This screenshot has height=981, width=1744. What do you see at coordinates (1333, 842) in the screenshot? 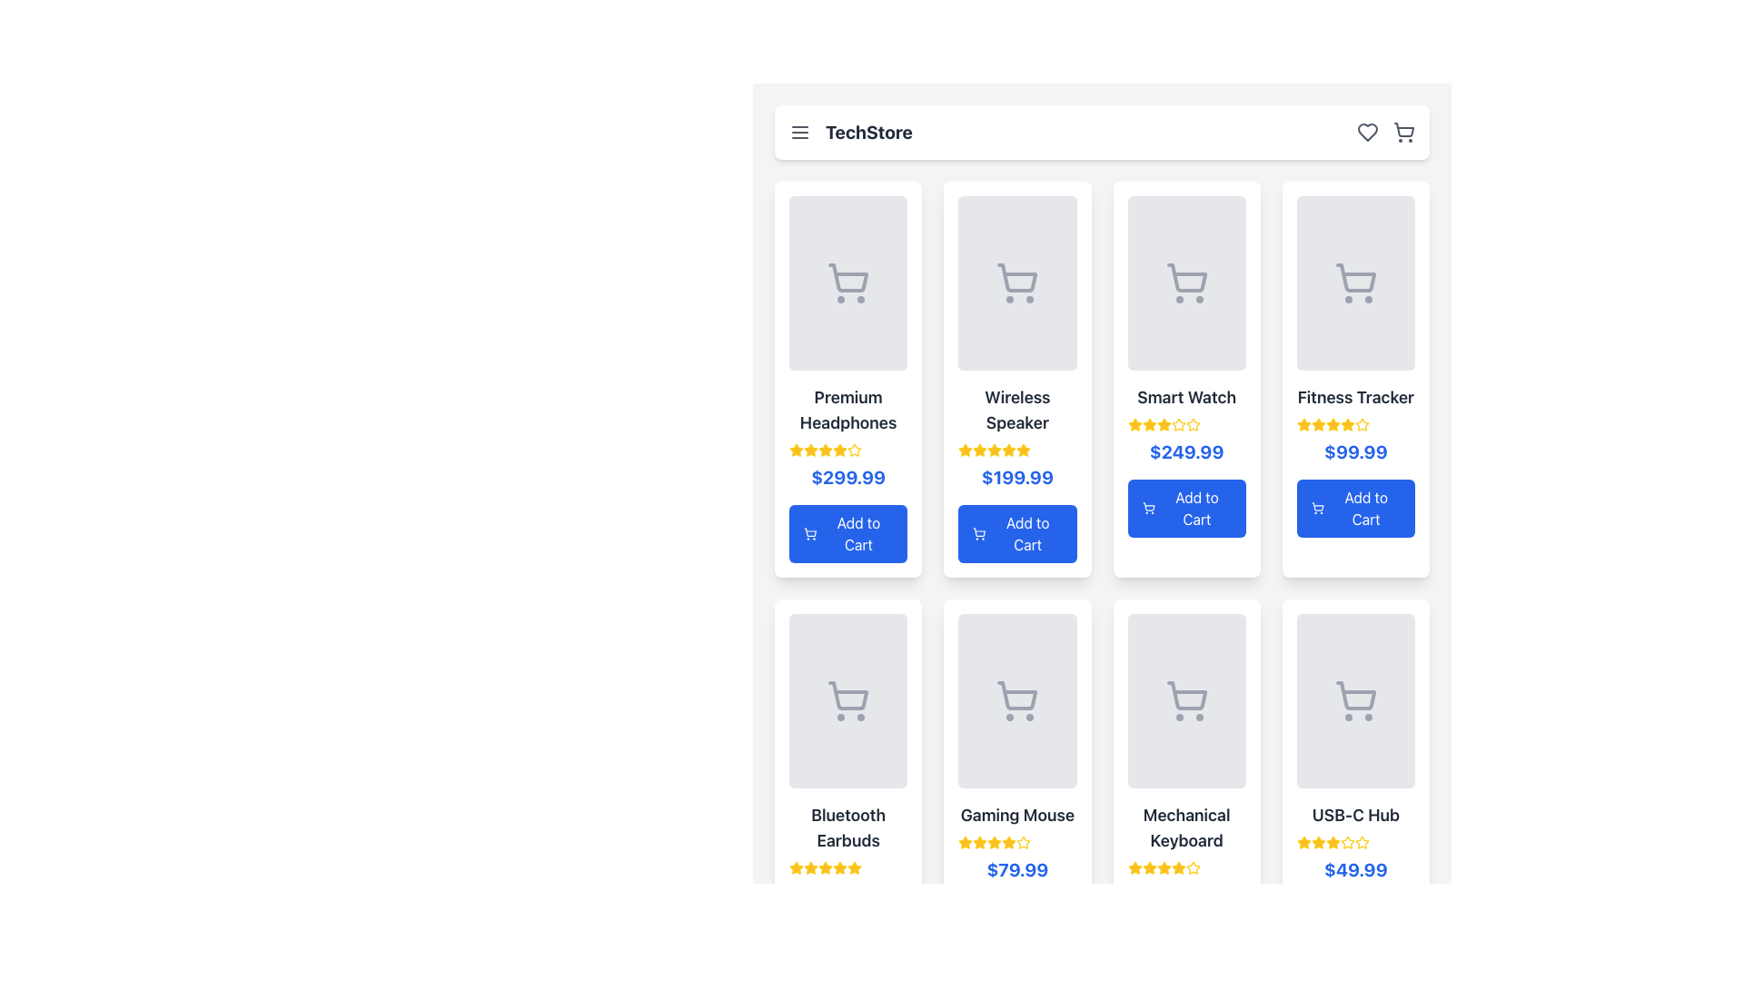
I see `the yellow star-shaped rating icon located in the rating section of the product card for the 'USB-C Hub' item at the bottom-right corner of the grid` at bounding box center [1333, 842].